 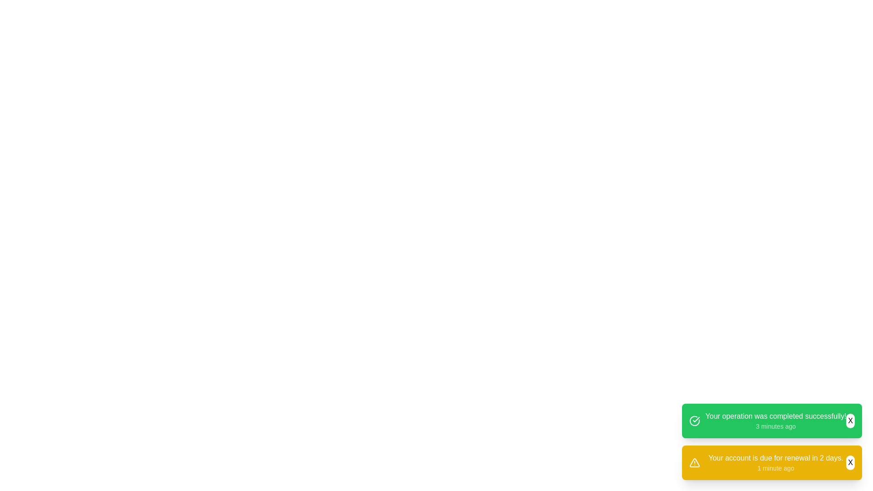 I want to click on close button of the notification with the message 'Your account is due for renewal in 2 days.', so click(x=850, y=463).